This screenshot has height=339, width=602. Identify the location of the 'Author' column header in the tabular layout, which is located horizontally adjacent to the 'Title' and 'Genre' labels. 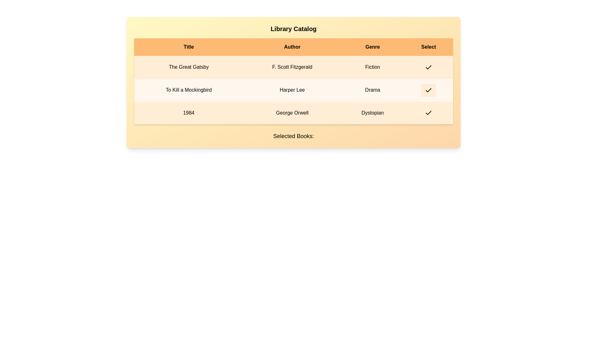
(292, 47).